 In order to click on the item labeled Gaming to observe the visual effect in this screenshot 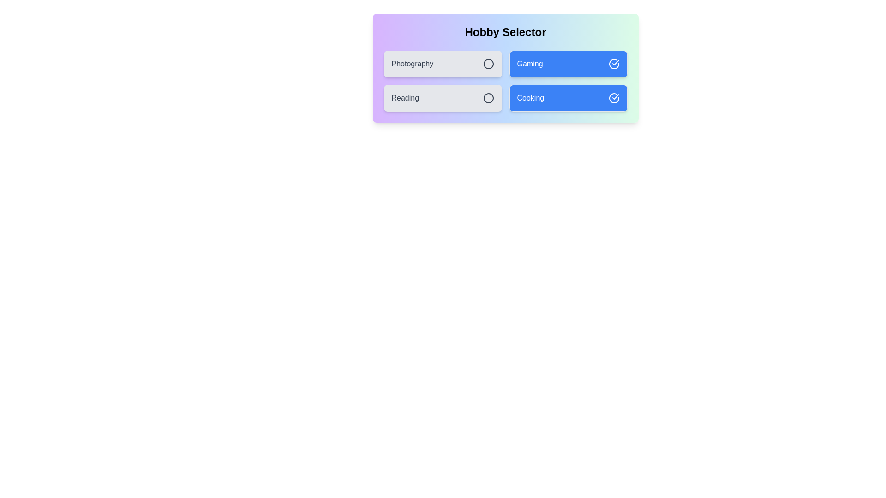, I will do `click(568, 63)`.